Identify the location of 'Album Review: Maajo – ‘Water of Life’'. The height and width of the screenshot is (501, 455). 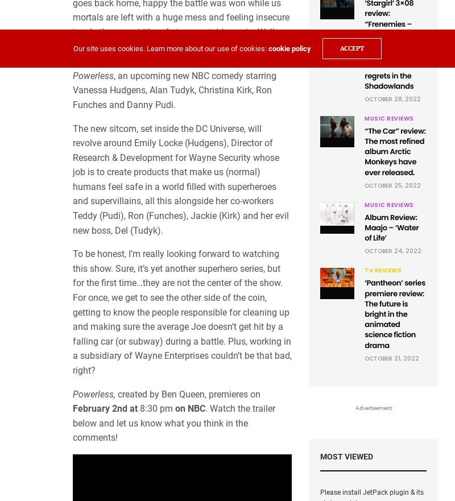
(391, 227).